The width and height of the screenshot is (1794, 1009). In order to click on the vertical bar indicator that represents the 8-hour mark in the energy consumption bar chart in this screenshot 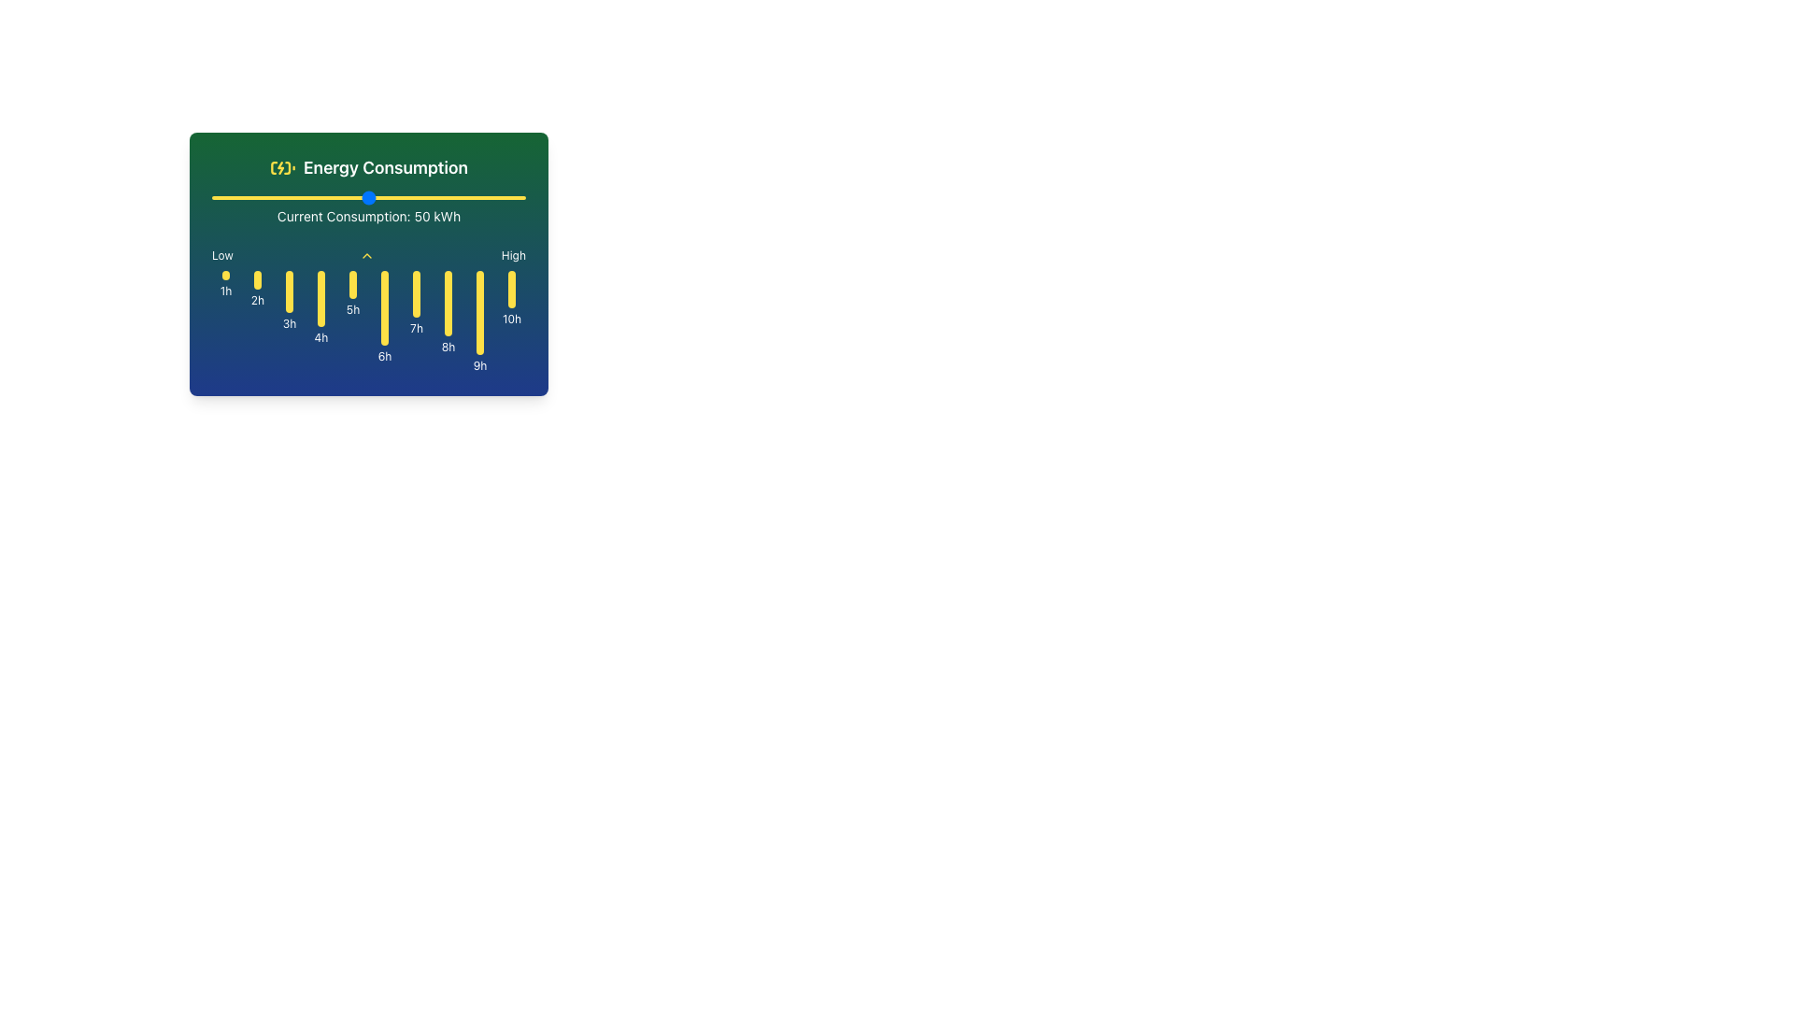, I will do `click(448, 302)`.